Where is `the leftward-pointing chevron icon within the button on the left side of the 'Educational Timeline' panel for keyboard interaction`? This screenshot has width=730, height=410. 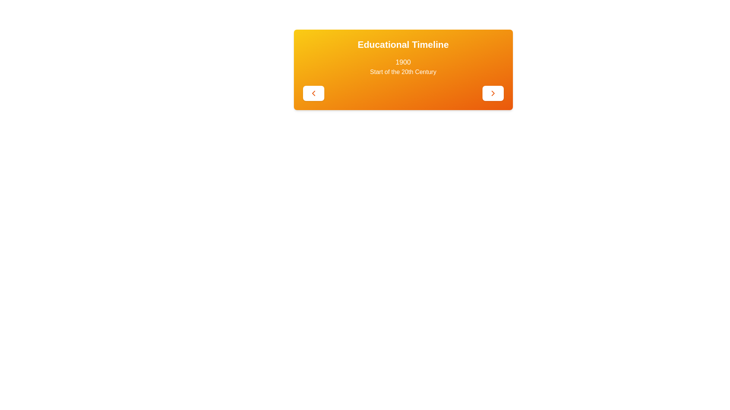 the leftward-pointing chevron icon within the button on the left side of the 'Educational Timeline' panel for keyboard interaction is located at coordinates (313, 93).